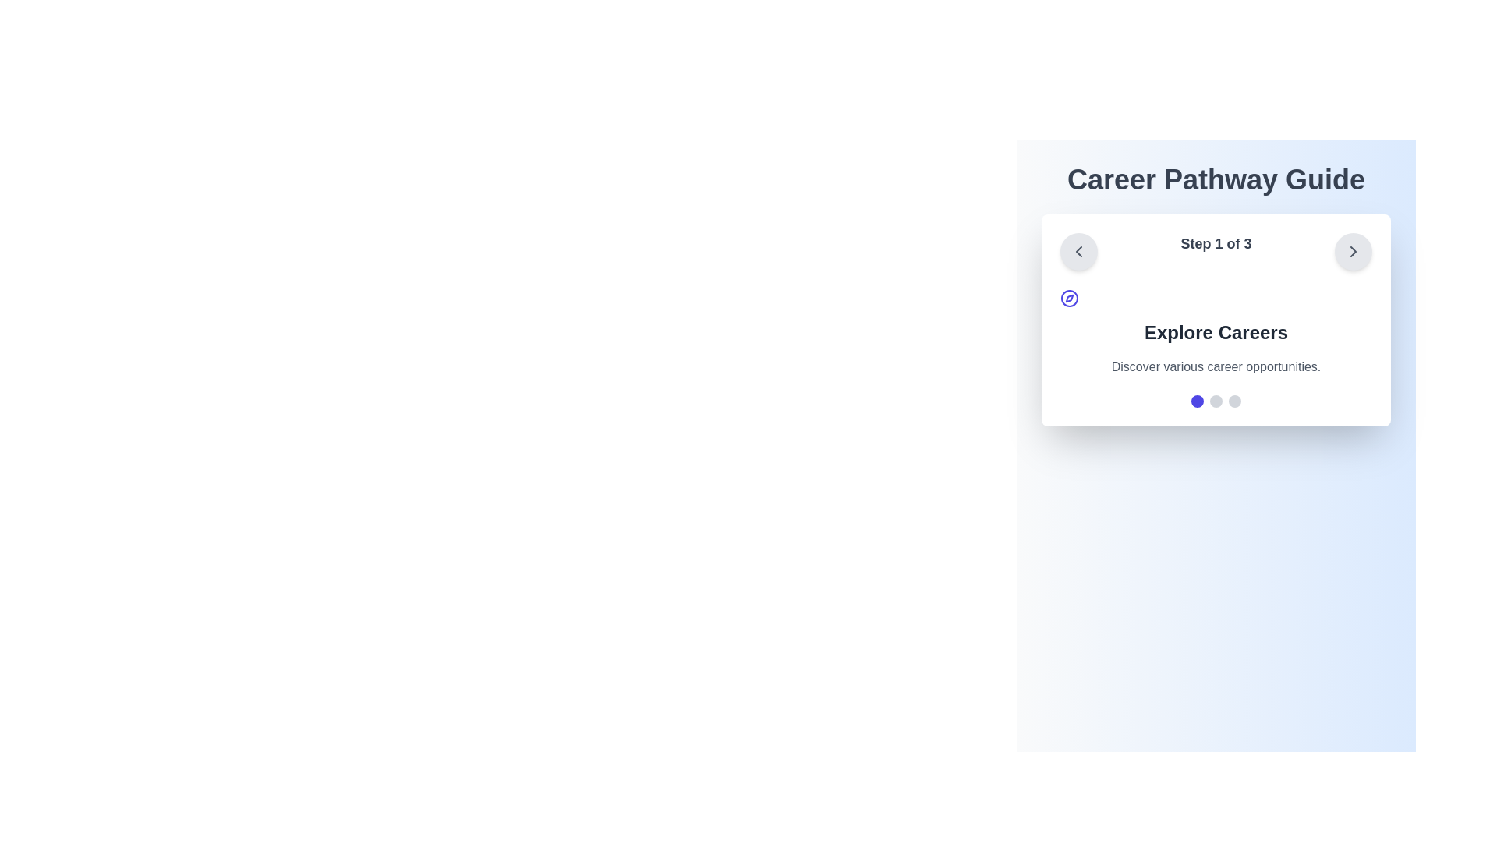  What do you see at coordinates (1216, 401) in the screenshot?
I see `the second circular progress indicator in the 'Career Pathway Guide' section` at bounding box center [1216, 401].